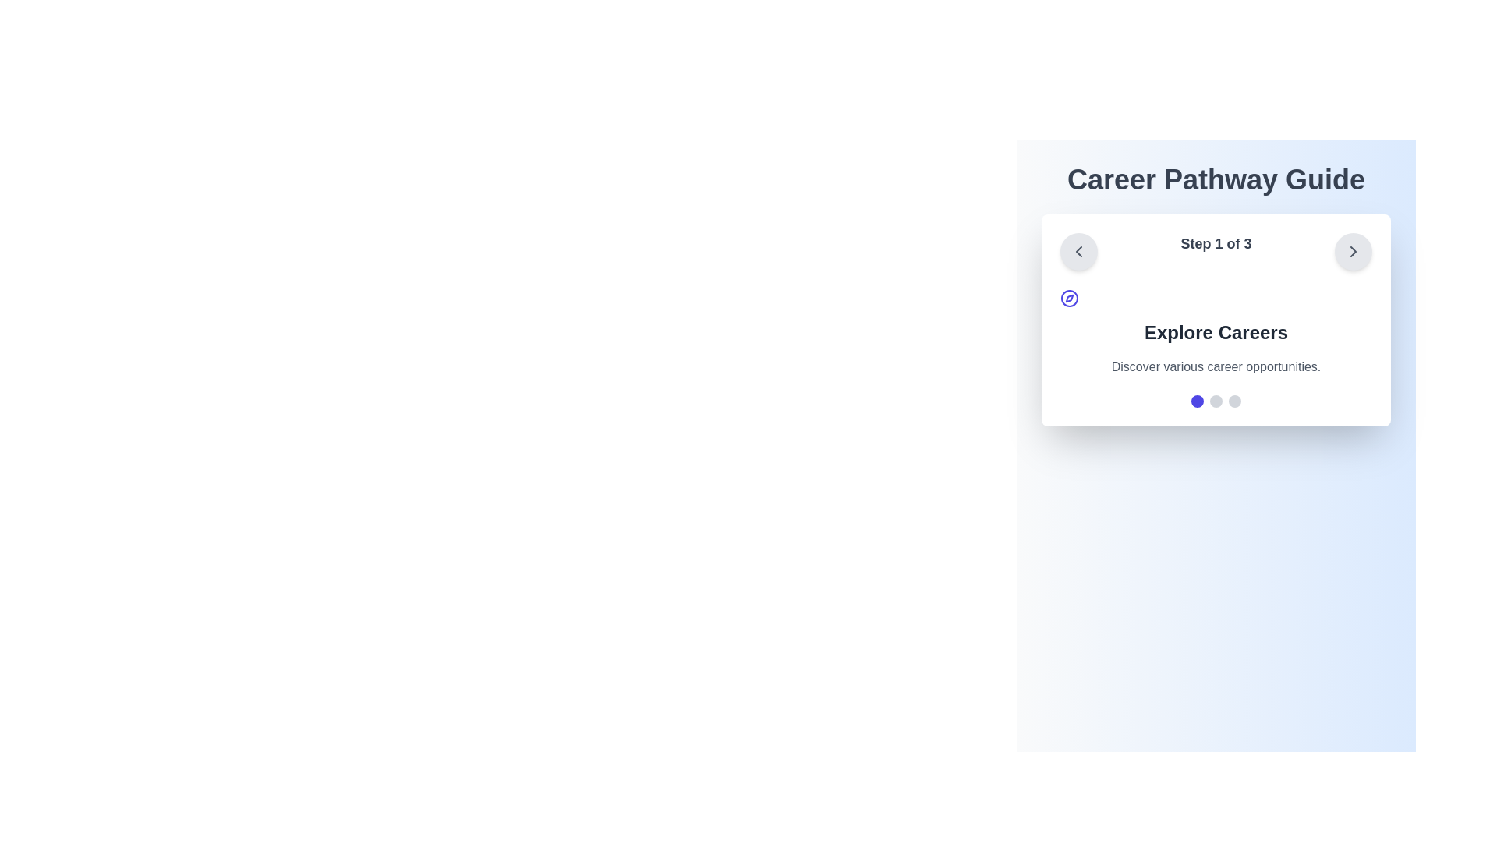  What do you see at coordinates (1216, 401) in the screenshot?
I see `the second circular progress indicator in the 'Career Pathway Guide' section` at bounding box center [1216, 401].